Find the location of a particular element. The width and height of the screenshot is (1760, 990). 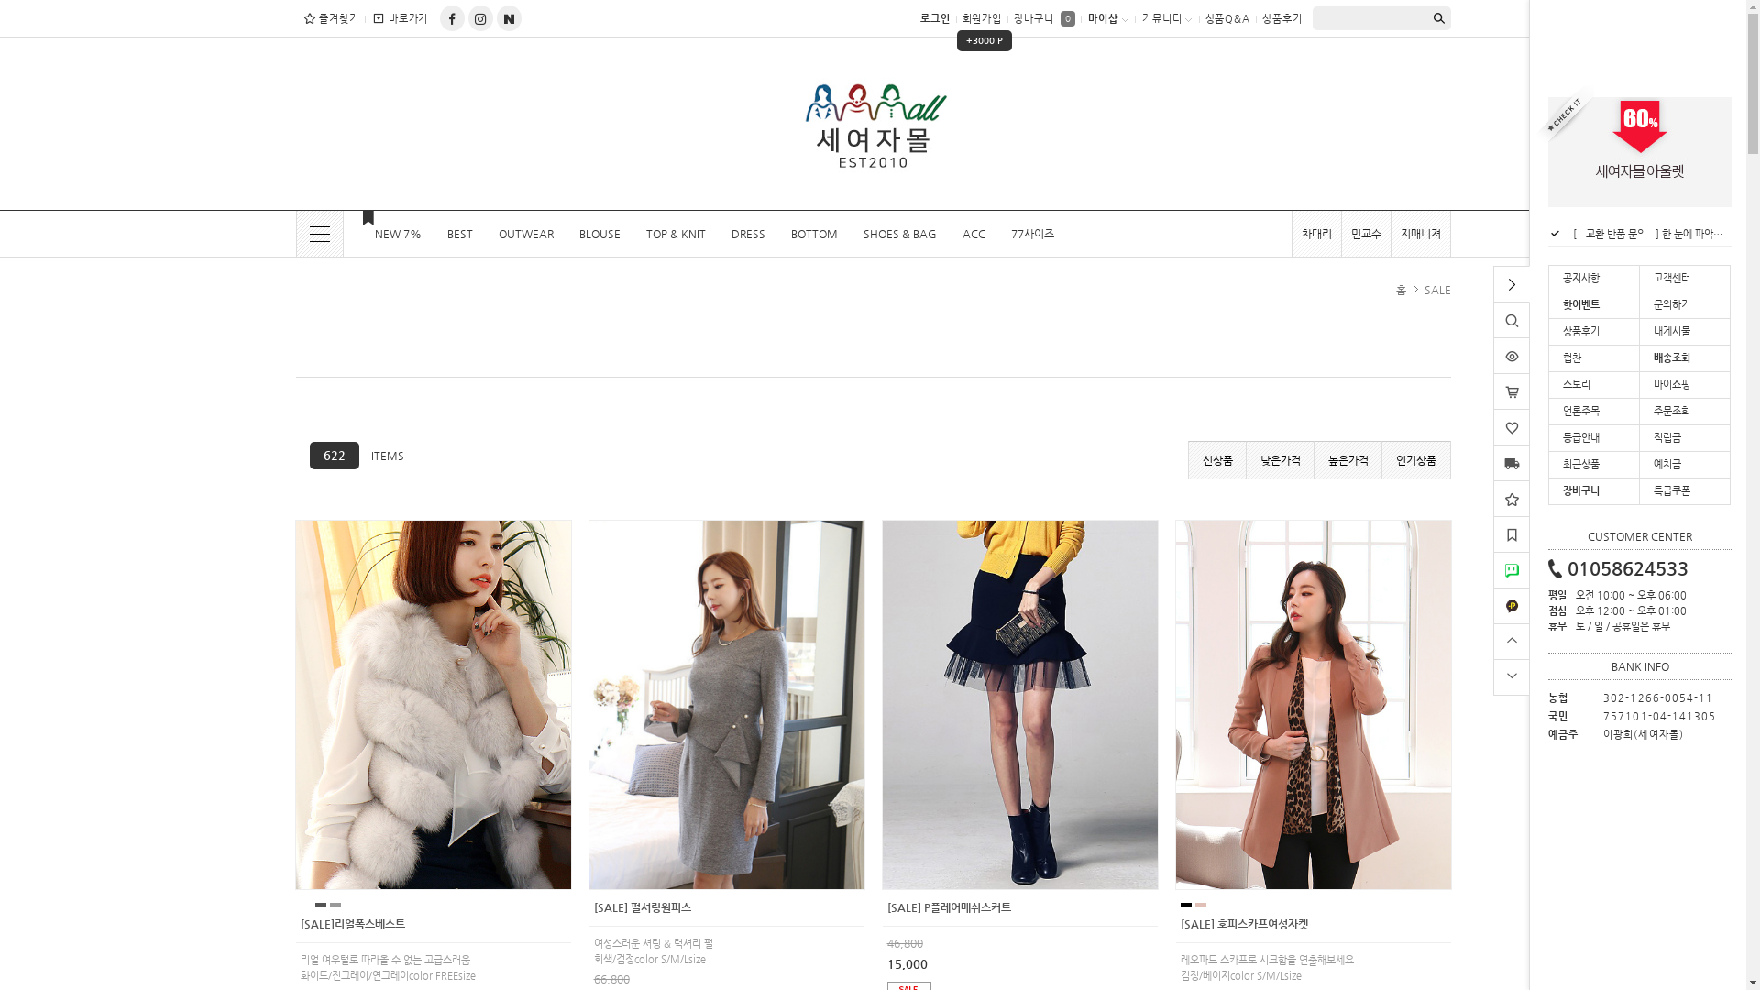

'BOTTOM' is located at coordinates (812, 232).